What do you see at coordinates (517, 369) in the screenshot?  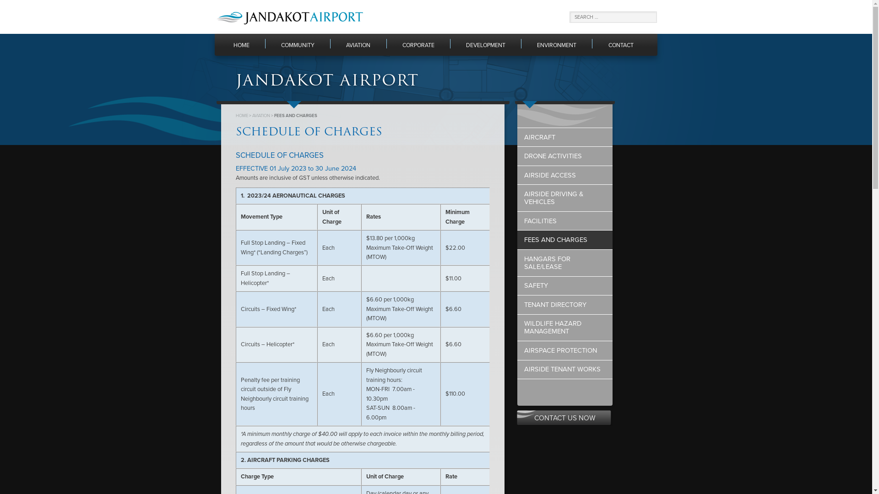 I see `'AIRSIDE TENANT WORKS'` at bounding box center [517, 369].